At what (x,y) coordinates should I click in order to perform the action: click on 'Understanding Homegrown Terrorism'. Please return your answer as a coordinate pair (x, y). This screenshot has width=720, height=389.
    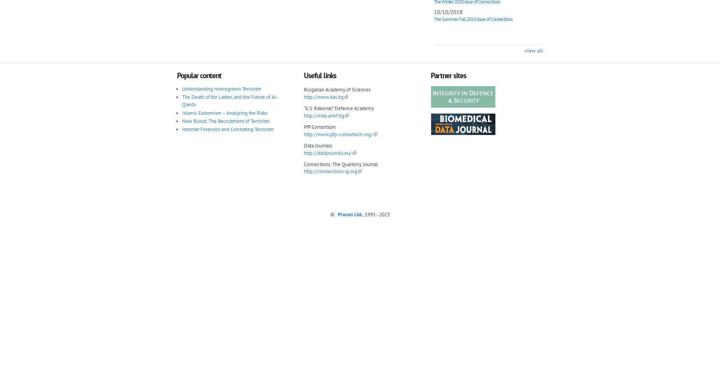
    Looking at the image, I should click on (221, 88).